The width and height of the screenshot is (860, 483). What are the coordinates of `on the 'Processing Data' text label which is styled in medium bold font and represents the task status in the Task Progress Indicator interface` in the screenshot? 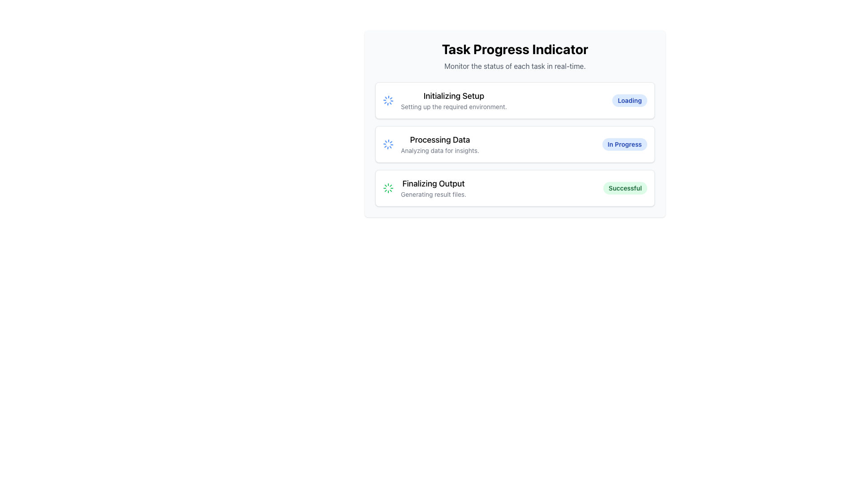 It's located at (440, 140).